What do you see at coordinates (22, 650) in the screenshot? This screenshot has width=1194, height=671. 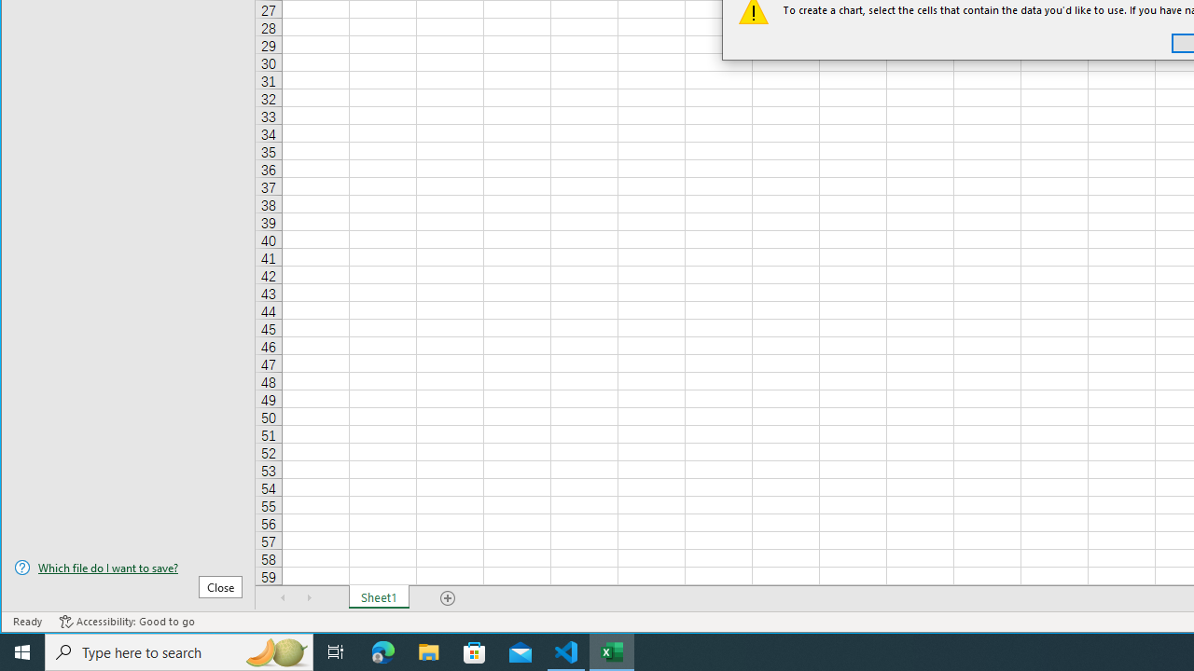 I see `'Start'` at bounding box center [22, 650].